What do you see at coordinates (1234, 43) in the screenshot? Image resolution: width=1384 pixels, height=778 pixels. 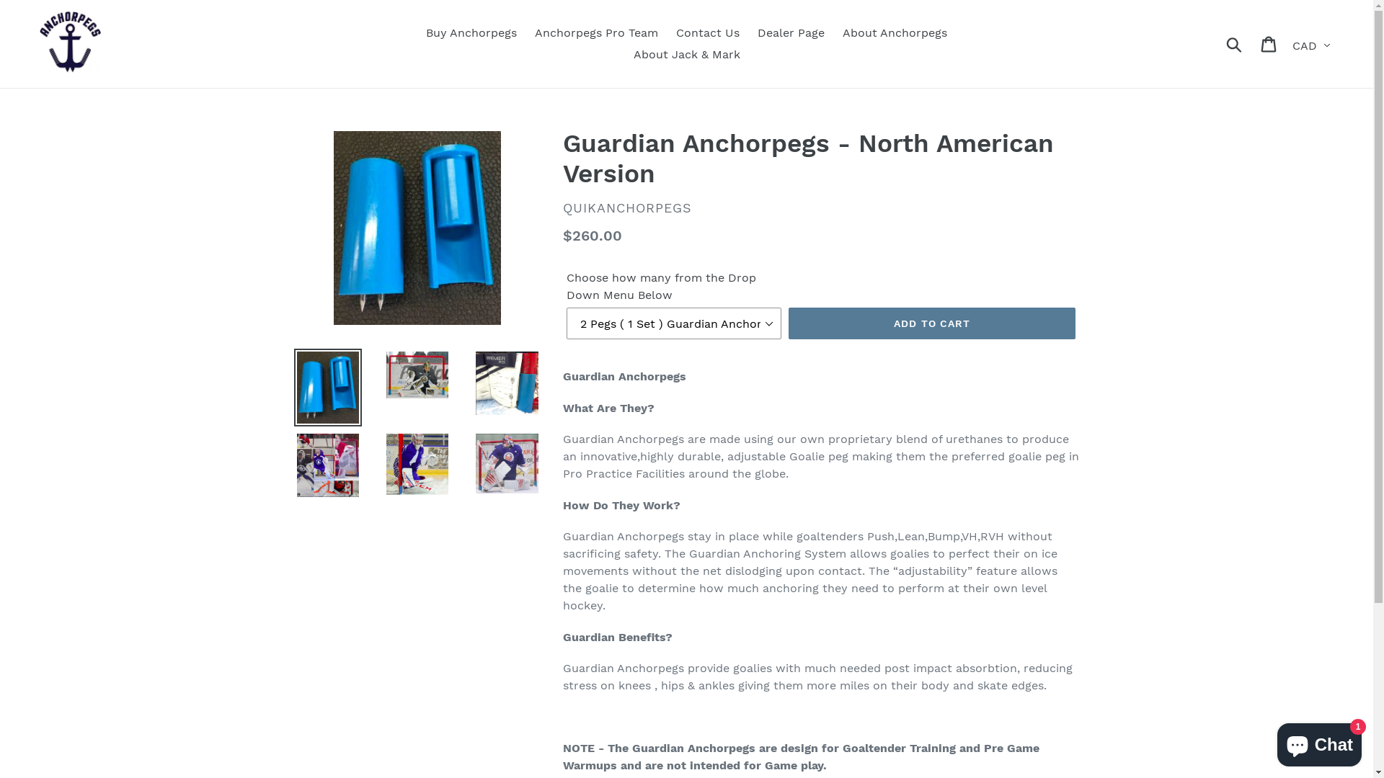 I see `'Submit'` at bounding box center [1234, 43].